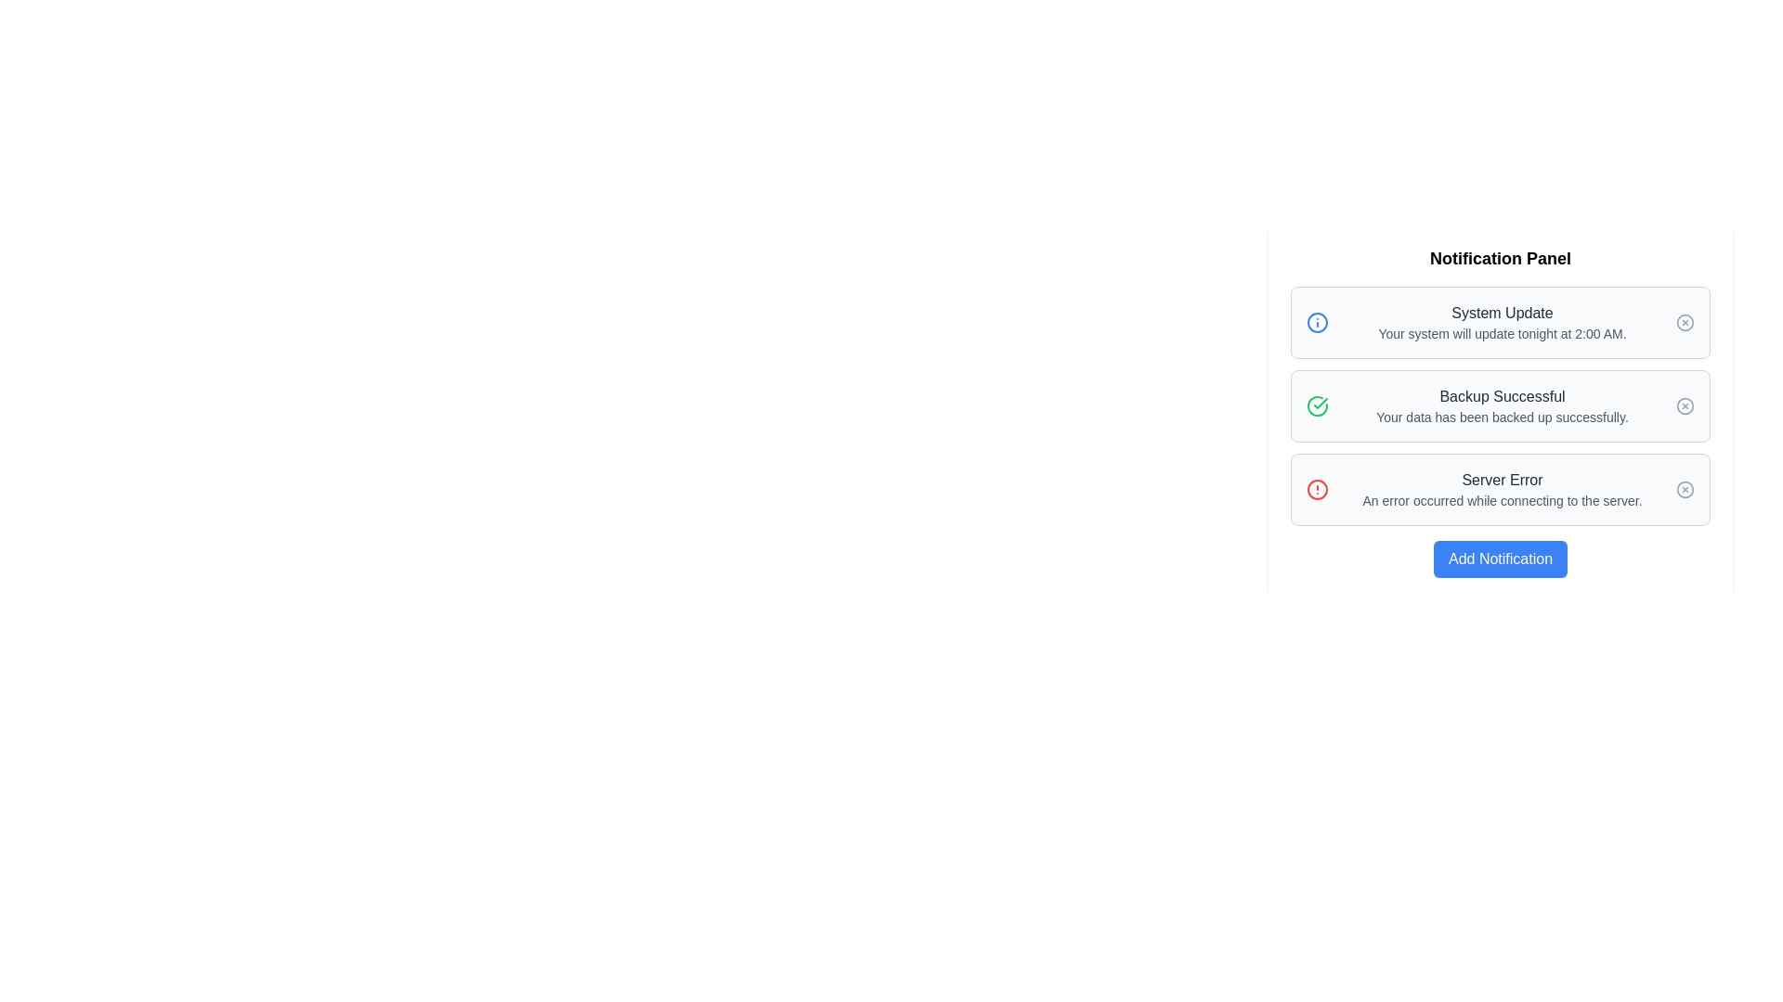 This screenshot has width=1783, height=1002. I want to click on error message displayed on the Notification Card indicating a server connection issue, which is the third notification in the vertically stacked list, so click(1501, 489).